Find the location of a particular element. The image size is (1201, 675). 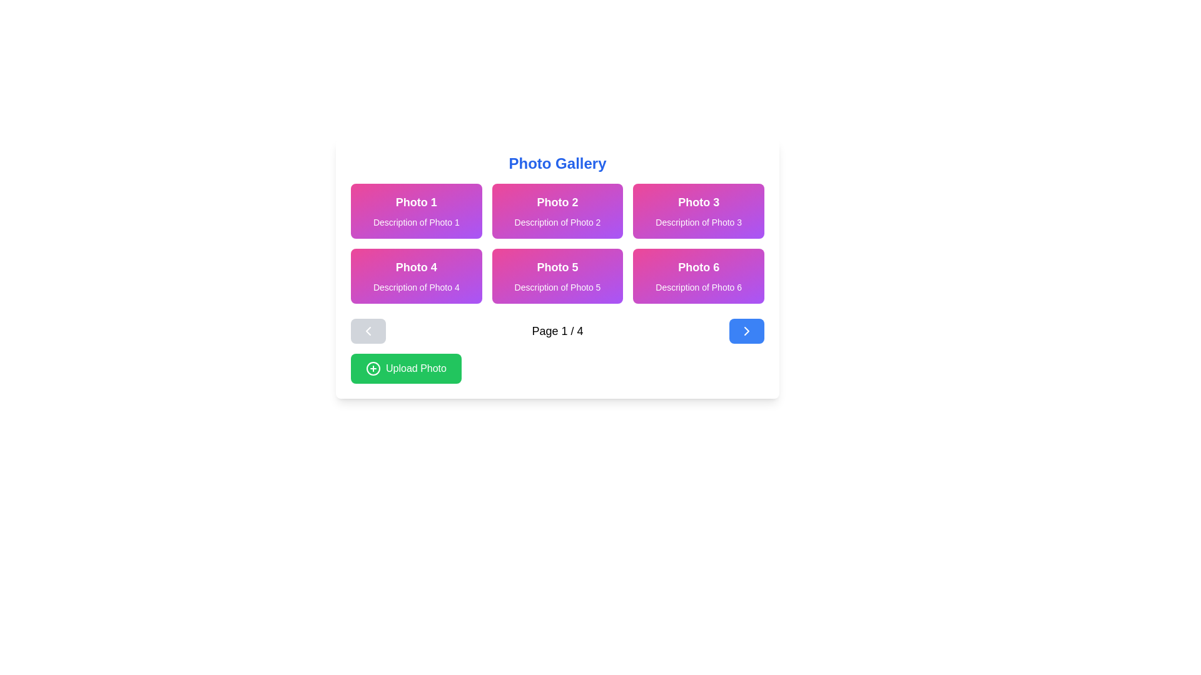

the informational card displaying 'Photo 6' located in the lower-right corner of the 3x2 grid layout is located at coordinates (698, 276).